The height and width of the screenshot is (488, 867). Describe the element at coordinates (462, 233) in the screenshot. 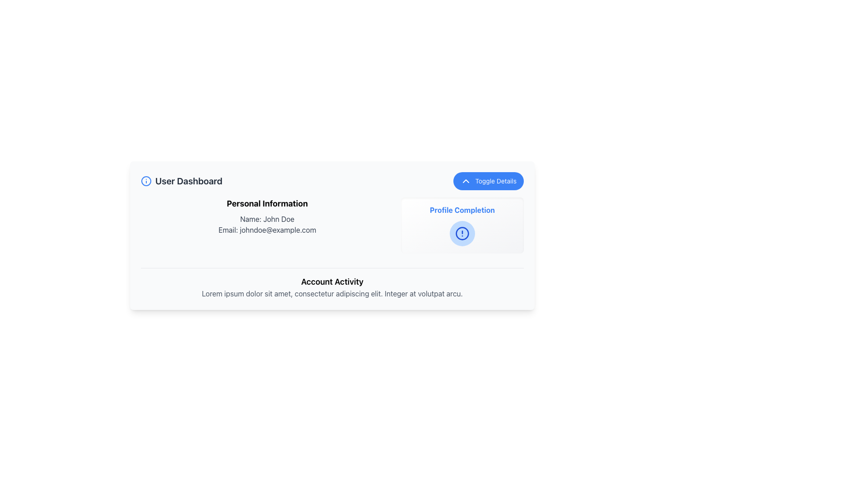

I see `the alert icon in the 'Profile Completion' section` at that location.